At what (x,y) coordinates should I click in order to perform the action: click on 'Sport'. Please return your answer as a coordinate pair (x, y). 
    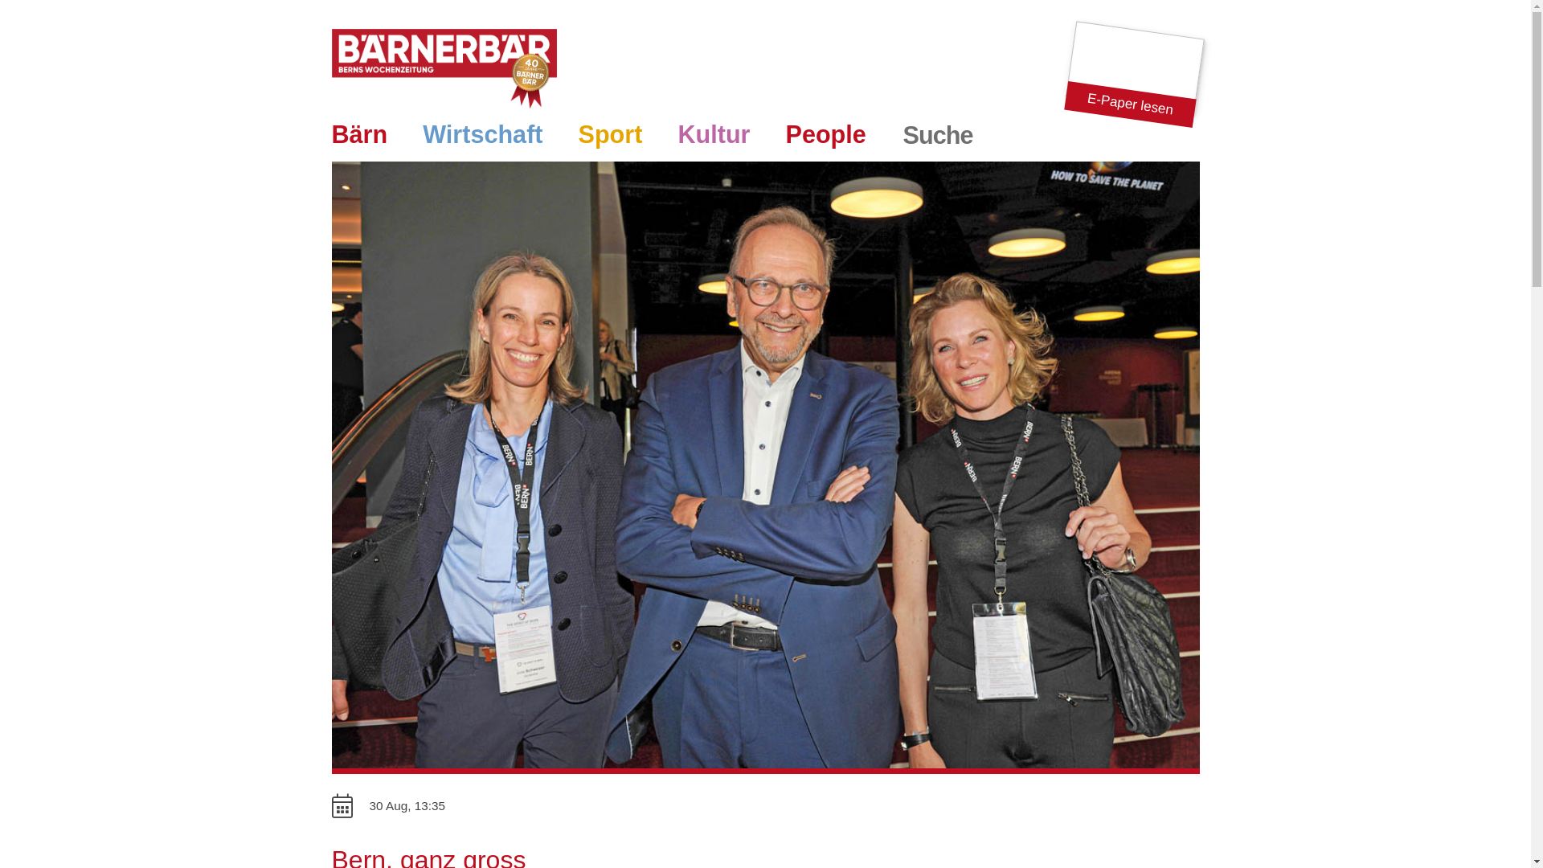
    Looking at the image, I should click on (609, 136).